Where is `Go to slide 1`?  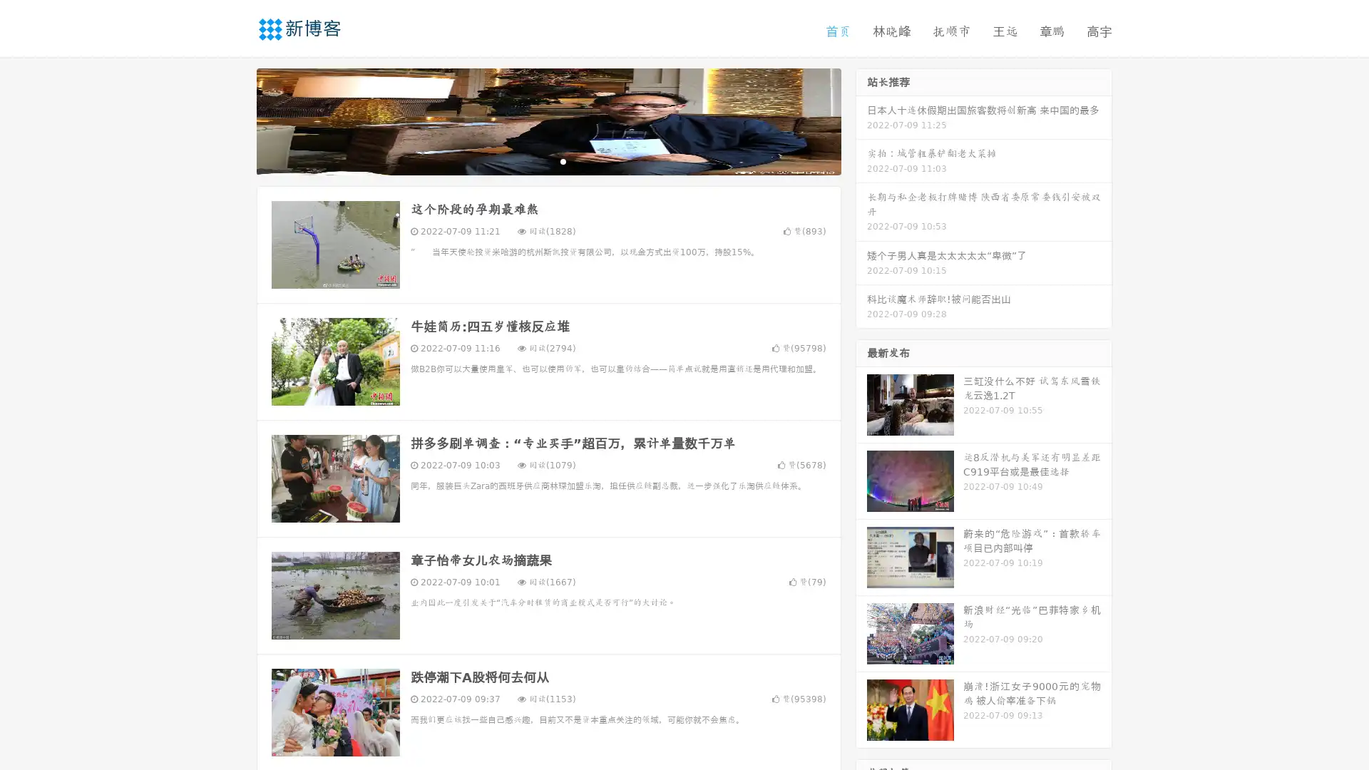
Go to slide 1 is located at coordinates (533, 160).